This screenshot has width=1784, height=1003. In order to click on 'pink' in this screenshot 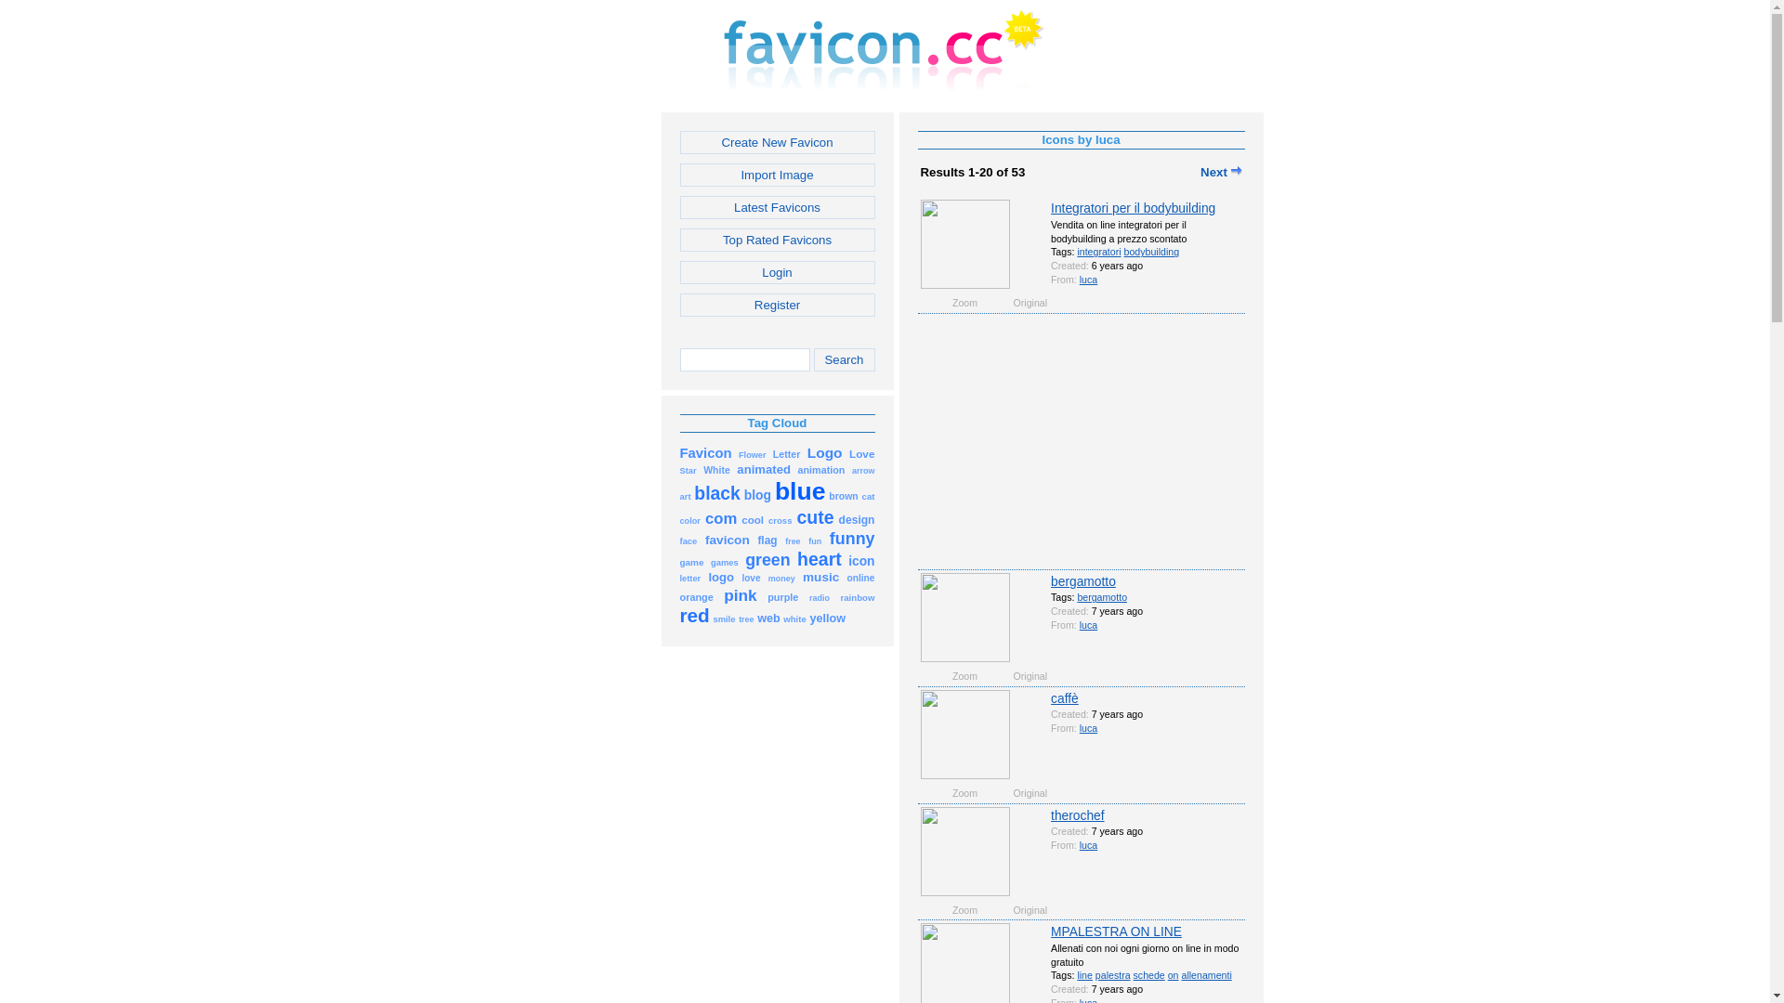, I will do `click(739, 596)`.